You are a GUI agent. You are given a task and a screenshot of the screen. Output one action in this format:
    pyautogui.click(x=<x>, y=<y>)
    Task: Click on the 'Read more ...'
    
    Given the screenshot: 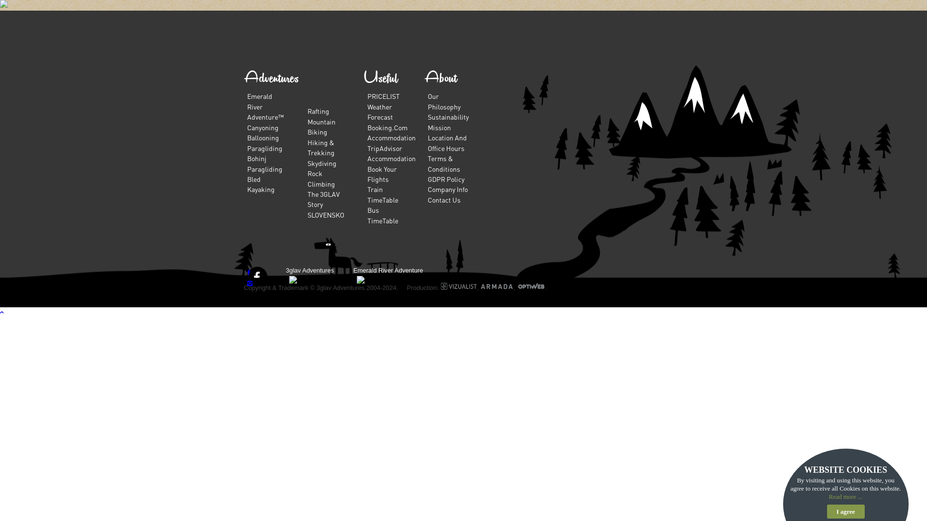 What is the action you would take?
    pyautogui.click(x=845, y=496)
    